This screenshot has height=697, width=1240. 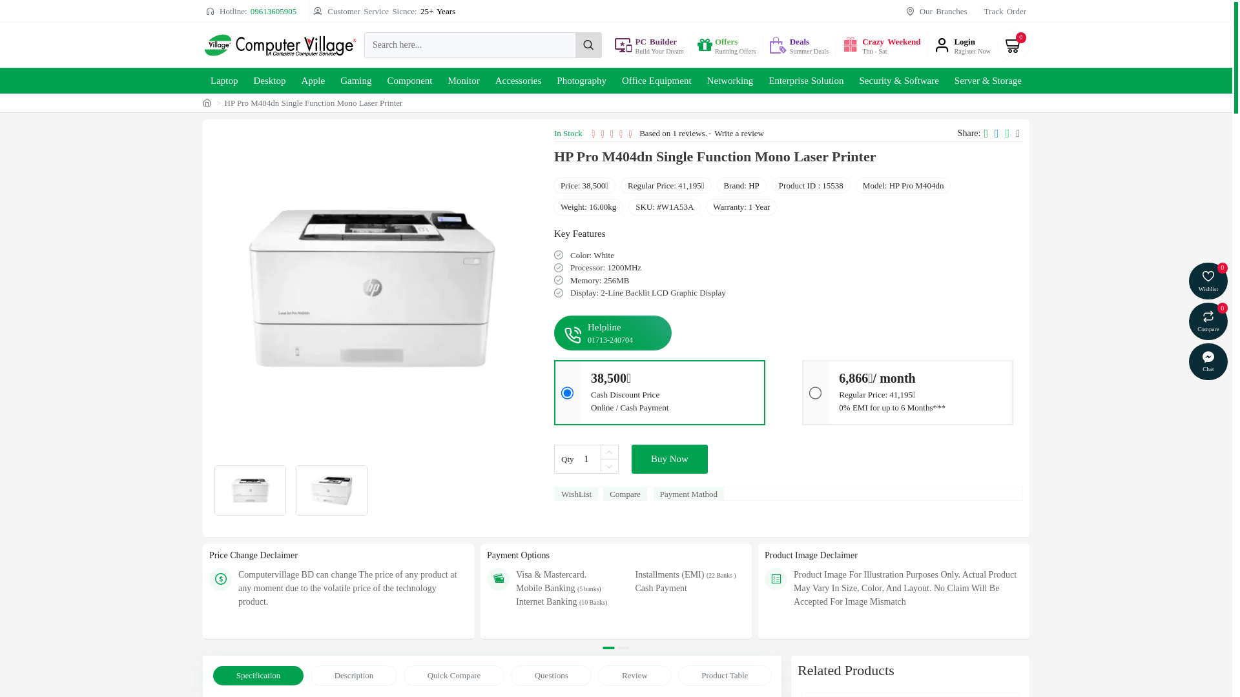 What do you see at coordinates (672, 134) in the screenshot?
I see `'Based on 1 reviews.'` at bounding box center [672, 134].